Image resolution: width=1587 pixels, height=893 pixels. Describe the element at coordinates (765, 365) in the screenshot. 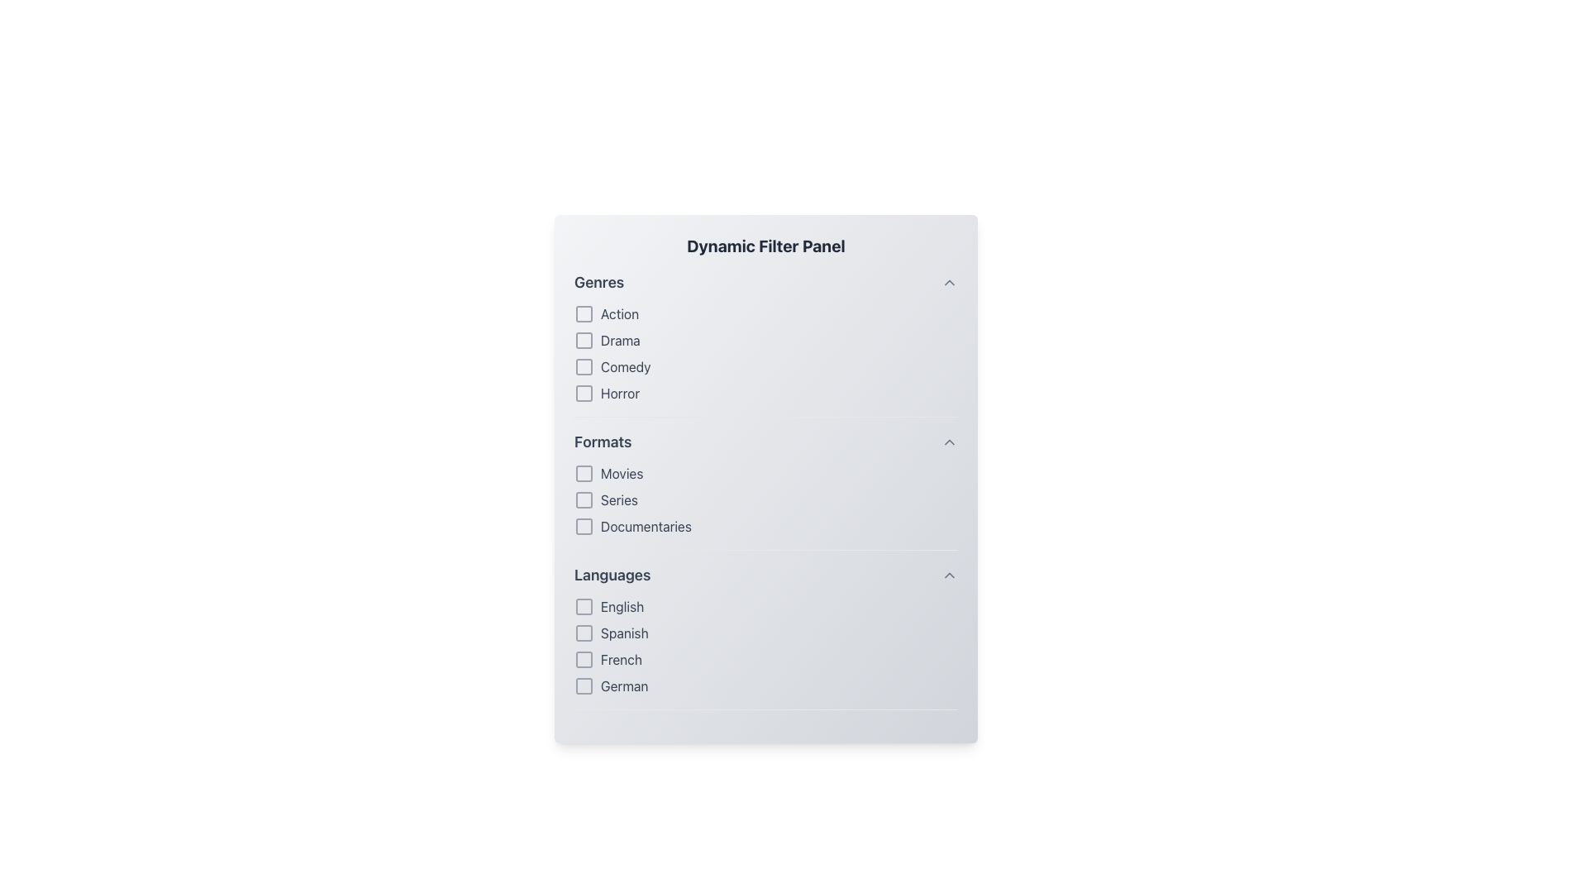

I see `the checkbox labeled 'Comedy' in the 'Genres' section of the filter panel` at that location.